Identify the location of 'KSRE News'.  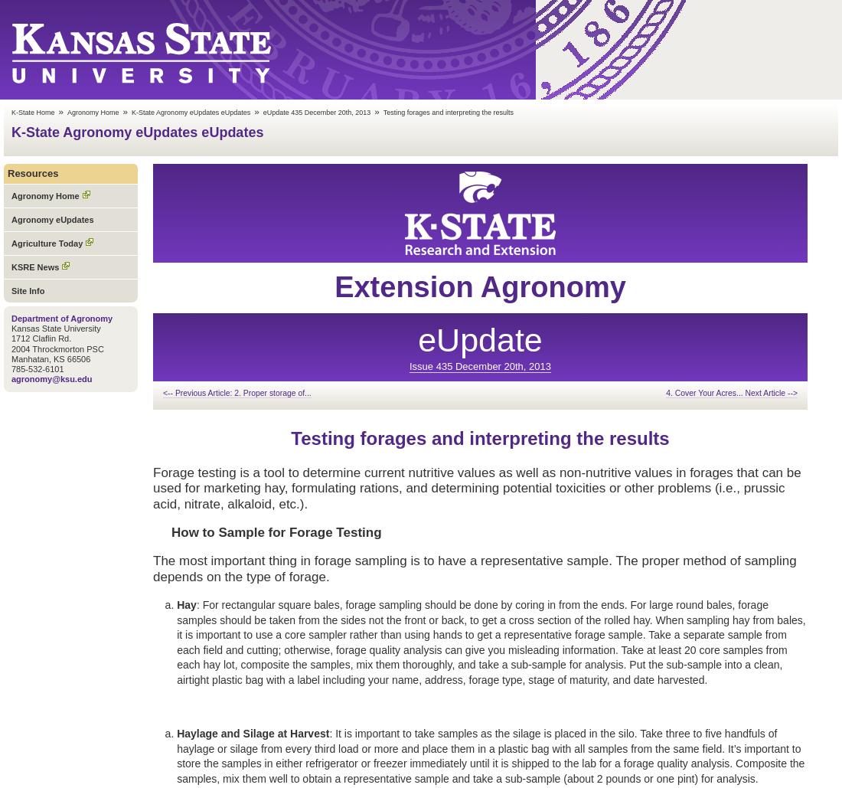
(10, 266).